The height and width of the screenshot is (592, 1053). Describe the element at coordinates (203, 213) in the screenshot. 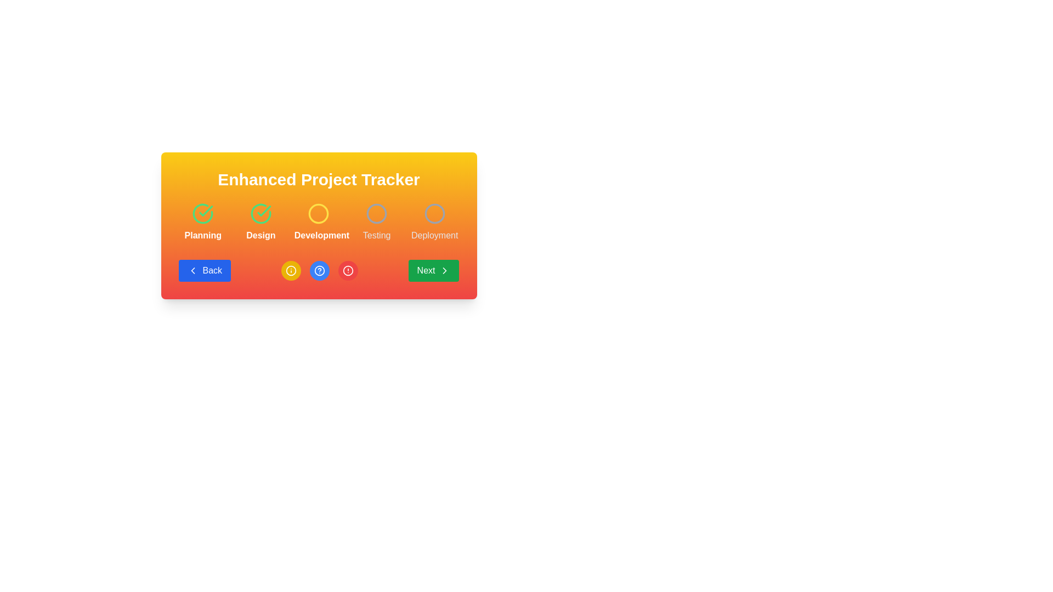

I see `the circular green checkmark icon positioned above the text 'Planning' and left of other icons in a horizontal layout` at that location.